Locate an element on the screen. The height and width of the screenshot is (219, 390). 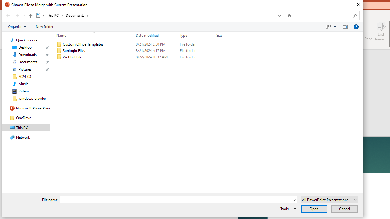
'Navigation buttons' is located at coordinates (15, 15).